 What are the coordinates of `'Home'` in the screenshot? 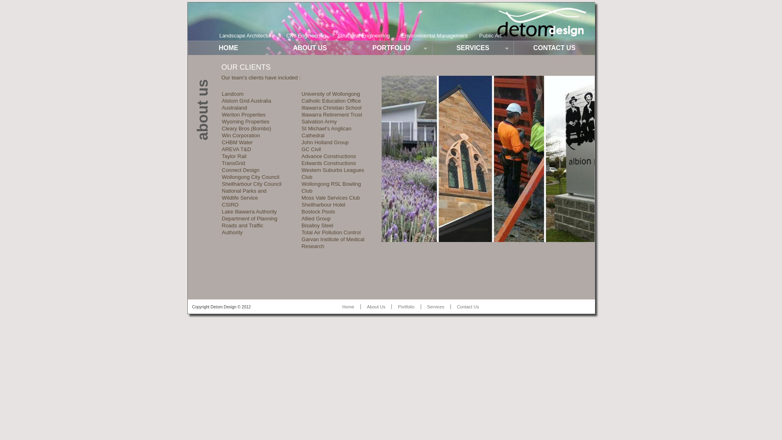 It's located at (348, 306).